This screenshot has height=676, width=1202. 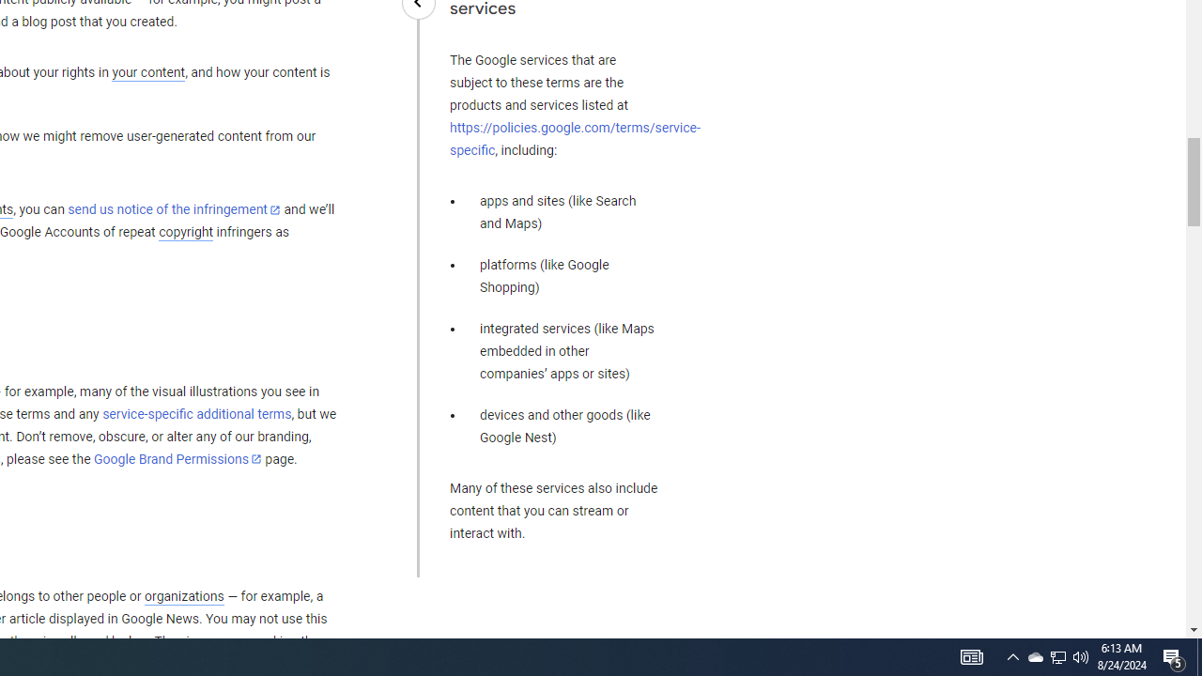 What do you see at coordinates (184, 596) in the screenshot?
I see `'organizations'` at bounding box center [184, 596].